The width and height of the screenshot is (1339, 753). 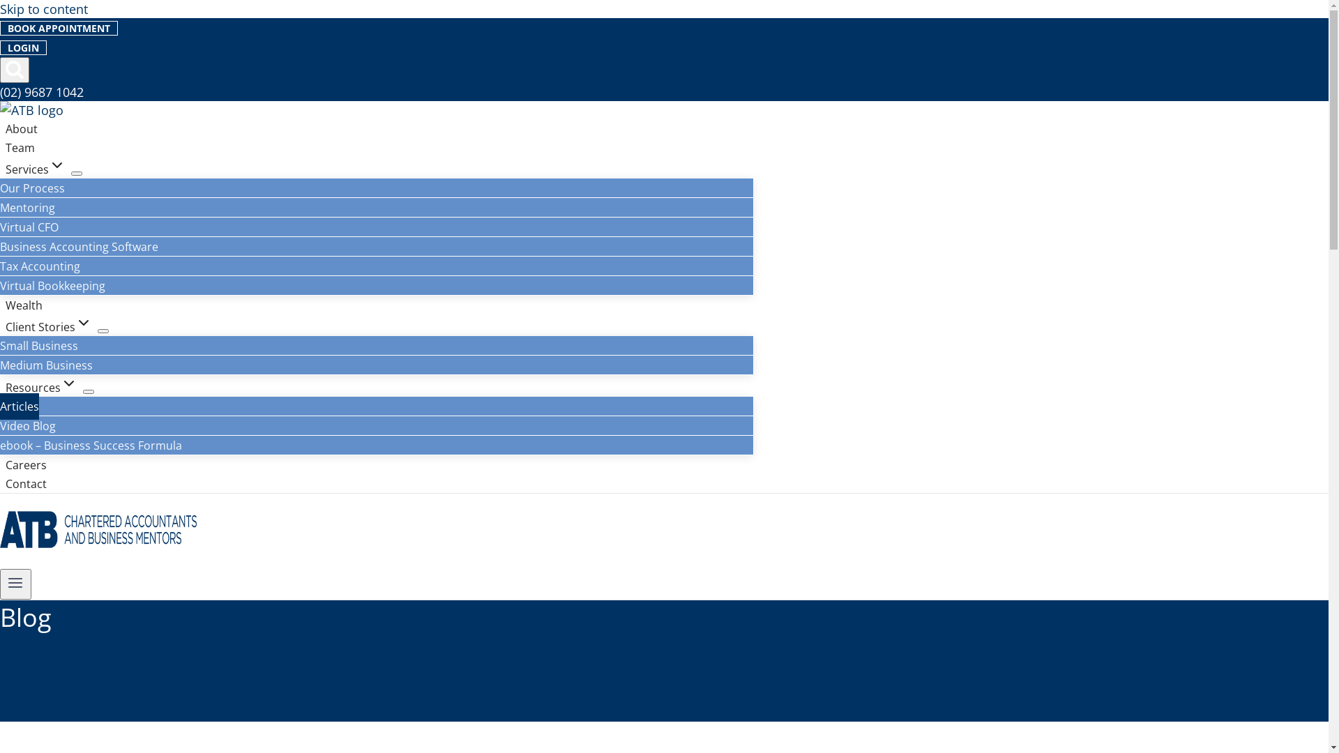 What do you see at coordinates (15, 584) in the screenshot?
I see `'Toggle Menu'` at bounding box center [15, 584].